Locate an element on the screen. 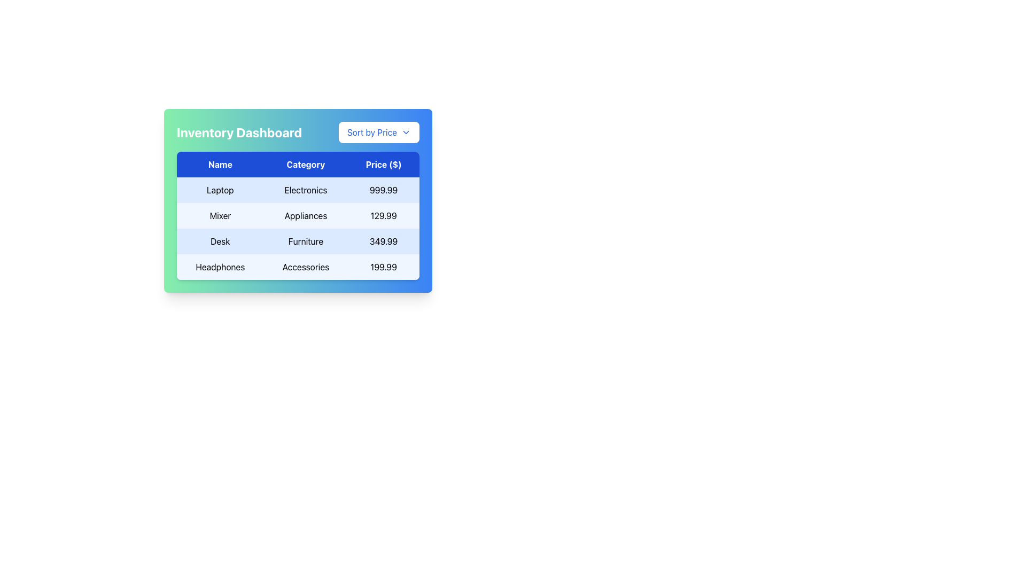  the static text label displaying 'Mixer' in bold, black sans-serif font, located in the second row of the 'Inventory Dashboard' table under the 'Name' column is located at coordinates (220, 216).